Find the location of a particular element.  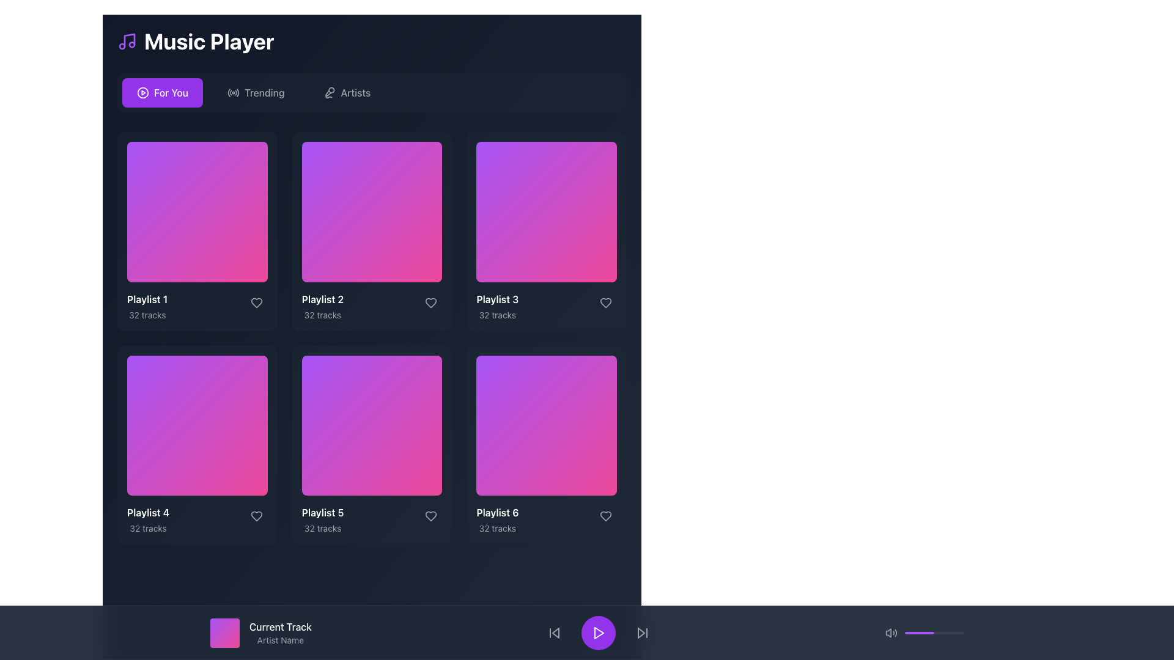

the text label containing the bold white title 'Playlist 1' and the gray subtitle '32 tracks' located in the top-left playlist card is located at coordinates (147, 306).